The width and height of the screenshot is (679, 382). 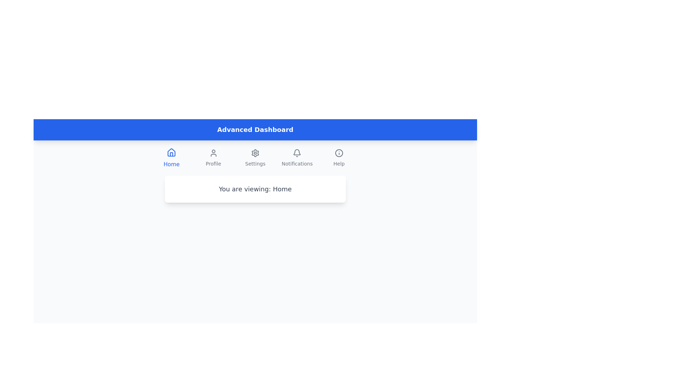 I want to click on the 'Home' navigation icon, so click(x=172, y=152).